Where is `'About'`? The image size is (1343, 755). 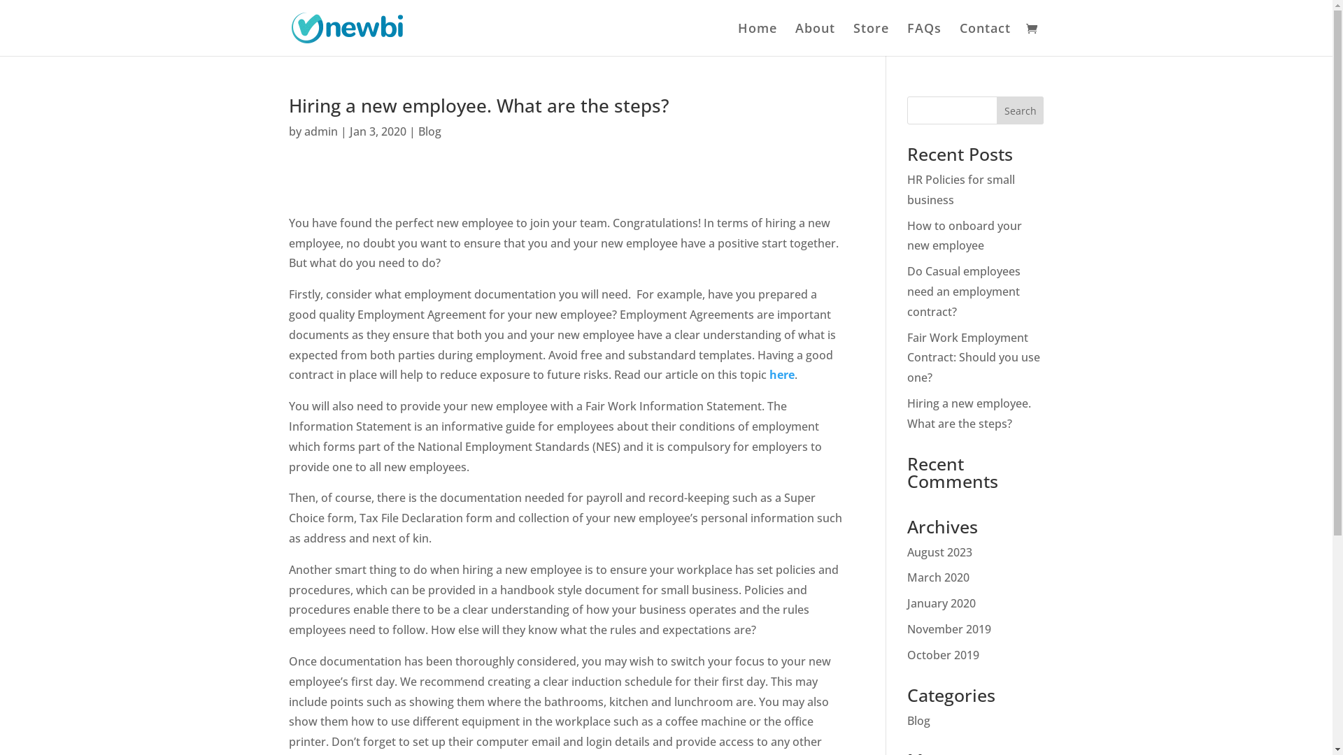
'About' is located at coordinates (814, 38).